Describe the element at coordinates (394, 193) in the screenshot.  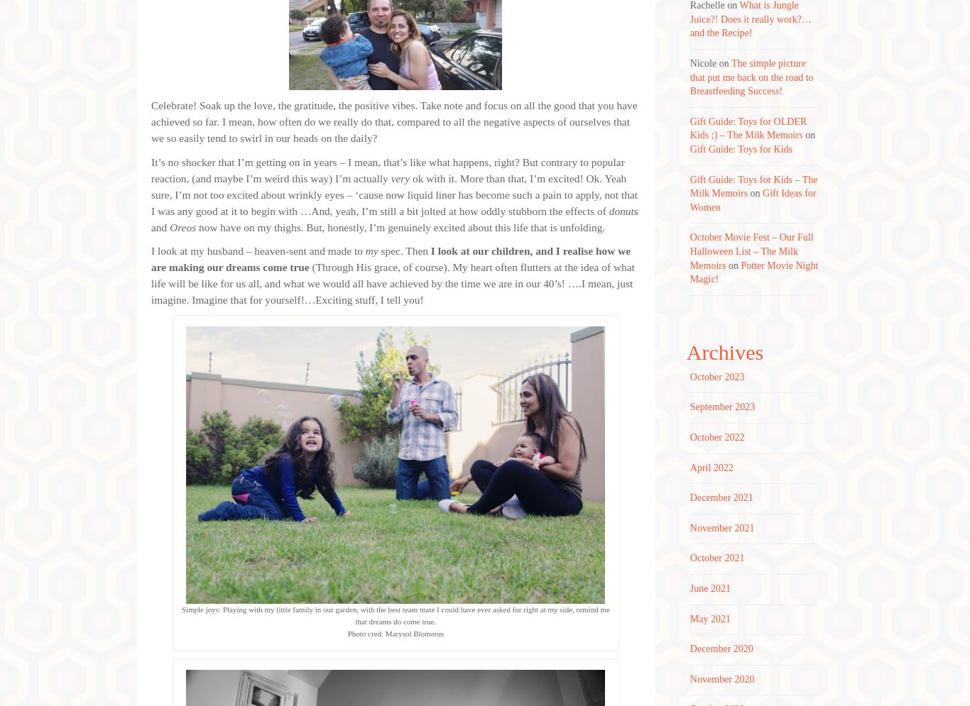
I see `'ok with it. More than that, I’m excited! Ok. Yeah sure,  I’m not too excited about wrinkly eyes –  ‘cause now liquid liner  has become such a pain to apply, not that I was any good at it to begin with …And, yeah, I’m still a bit jolted at how oddly stubborn the effects of'` at that location.